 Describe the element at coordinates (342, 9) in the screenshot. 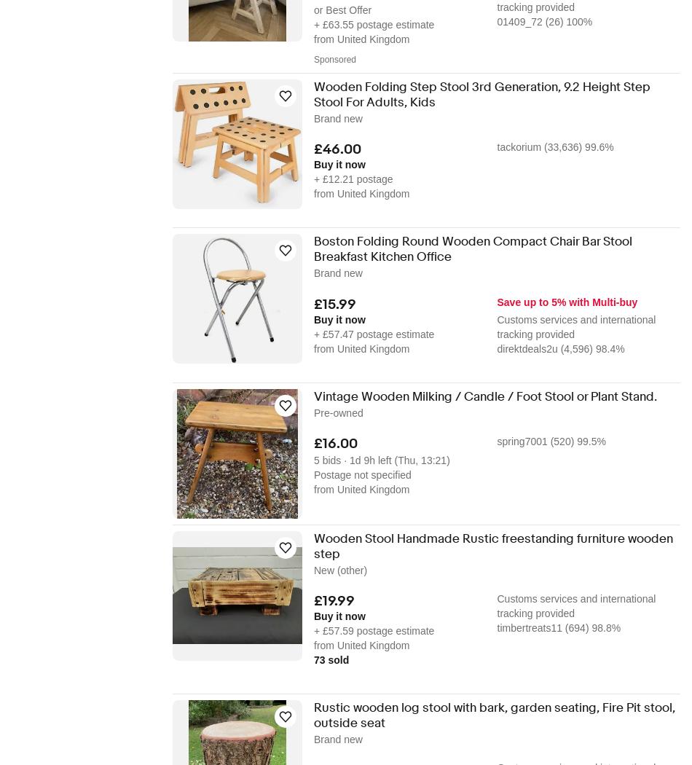

I see `'or Best Offer'` at that location.